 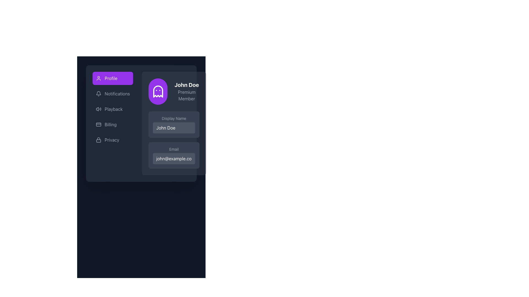 I want to click on the navigation menu item located on the left side of the application, so click(x=141, y=123).